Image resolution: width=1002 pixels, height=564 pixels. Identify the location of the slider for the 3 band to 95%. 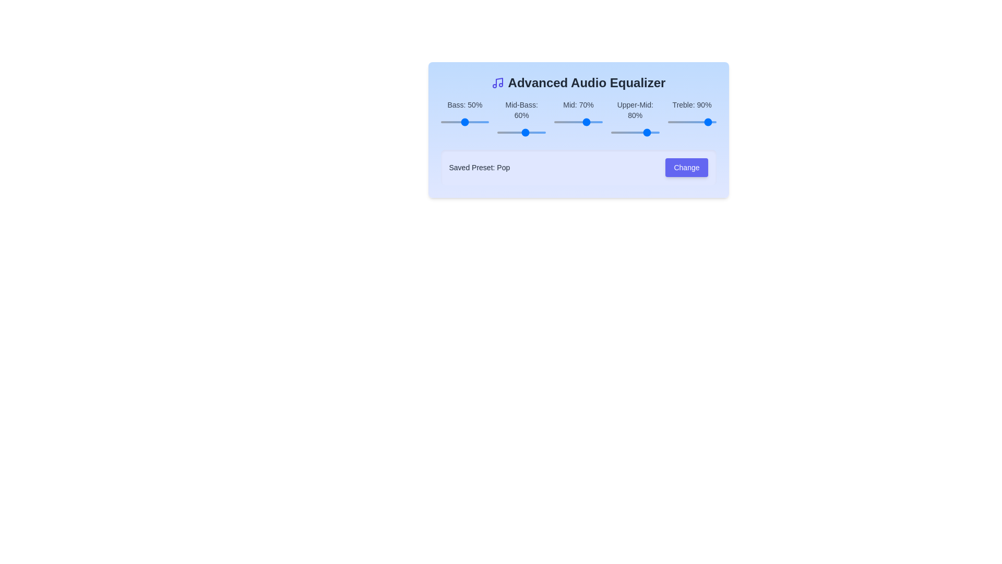
(685, 132).